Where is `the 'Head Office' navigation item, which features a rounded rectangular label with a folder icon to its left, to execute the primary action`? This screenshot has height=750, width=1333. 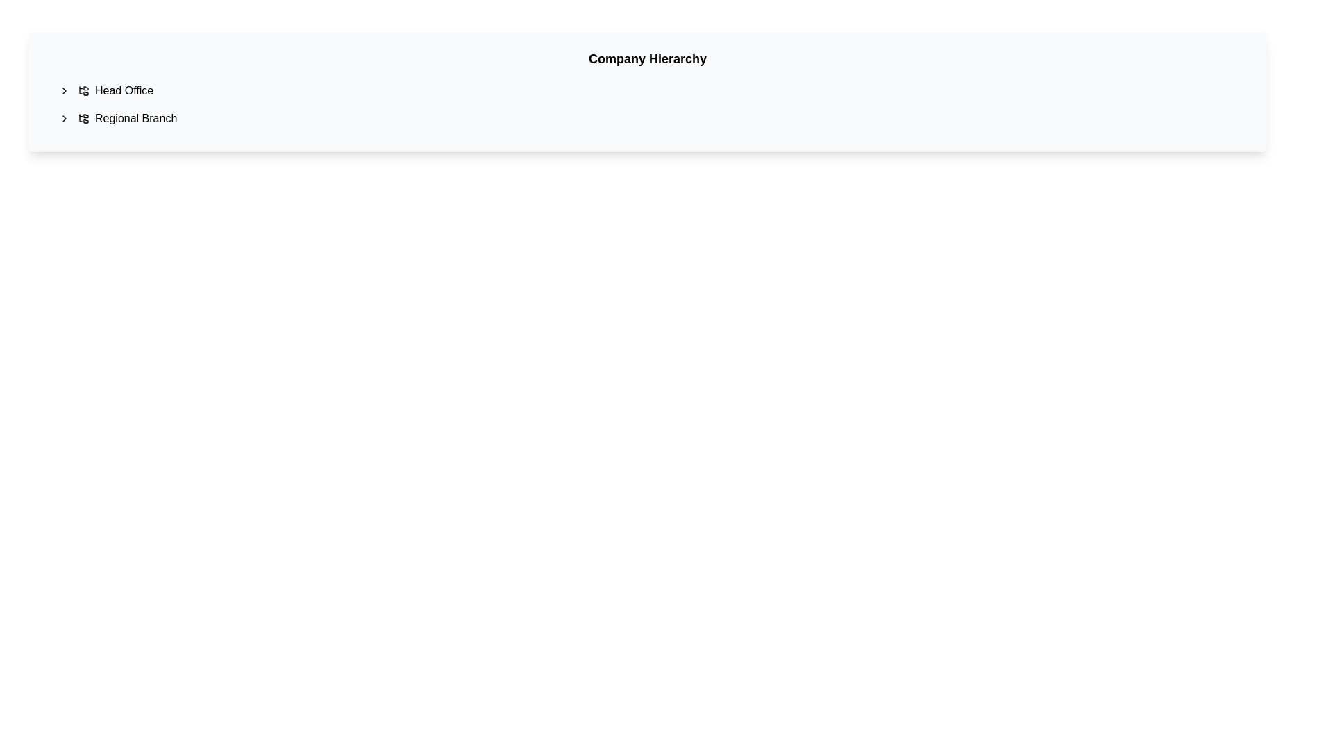
the 'Head Office' navigation item, which features a rounded rectangular label with a folder icon to its left, to execute the primary action is located at coordinates (116, 91).